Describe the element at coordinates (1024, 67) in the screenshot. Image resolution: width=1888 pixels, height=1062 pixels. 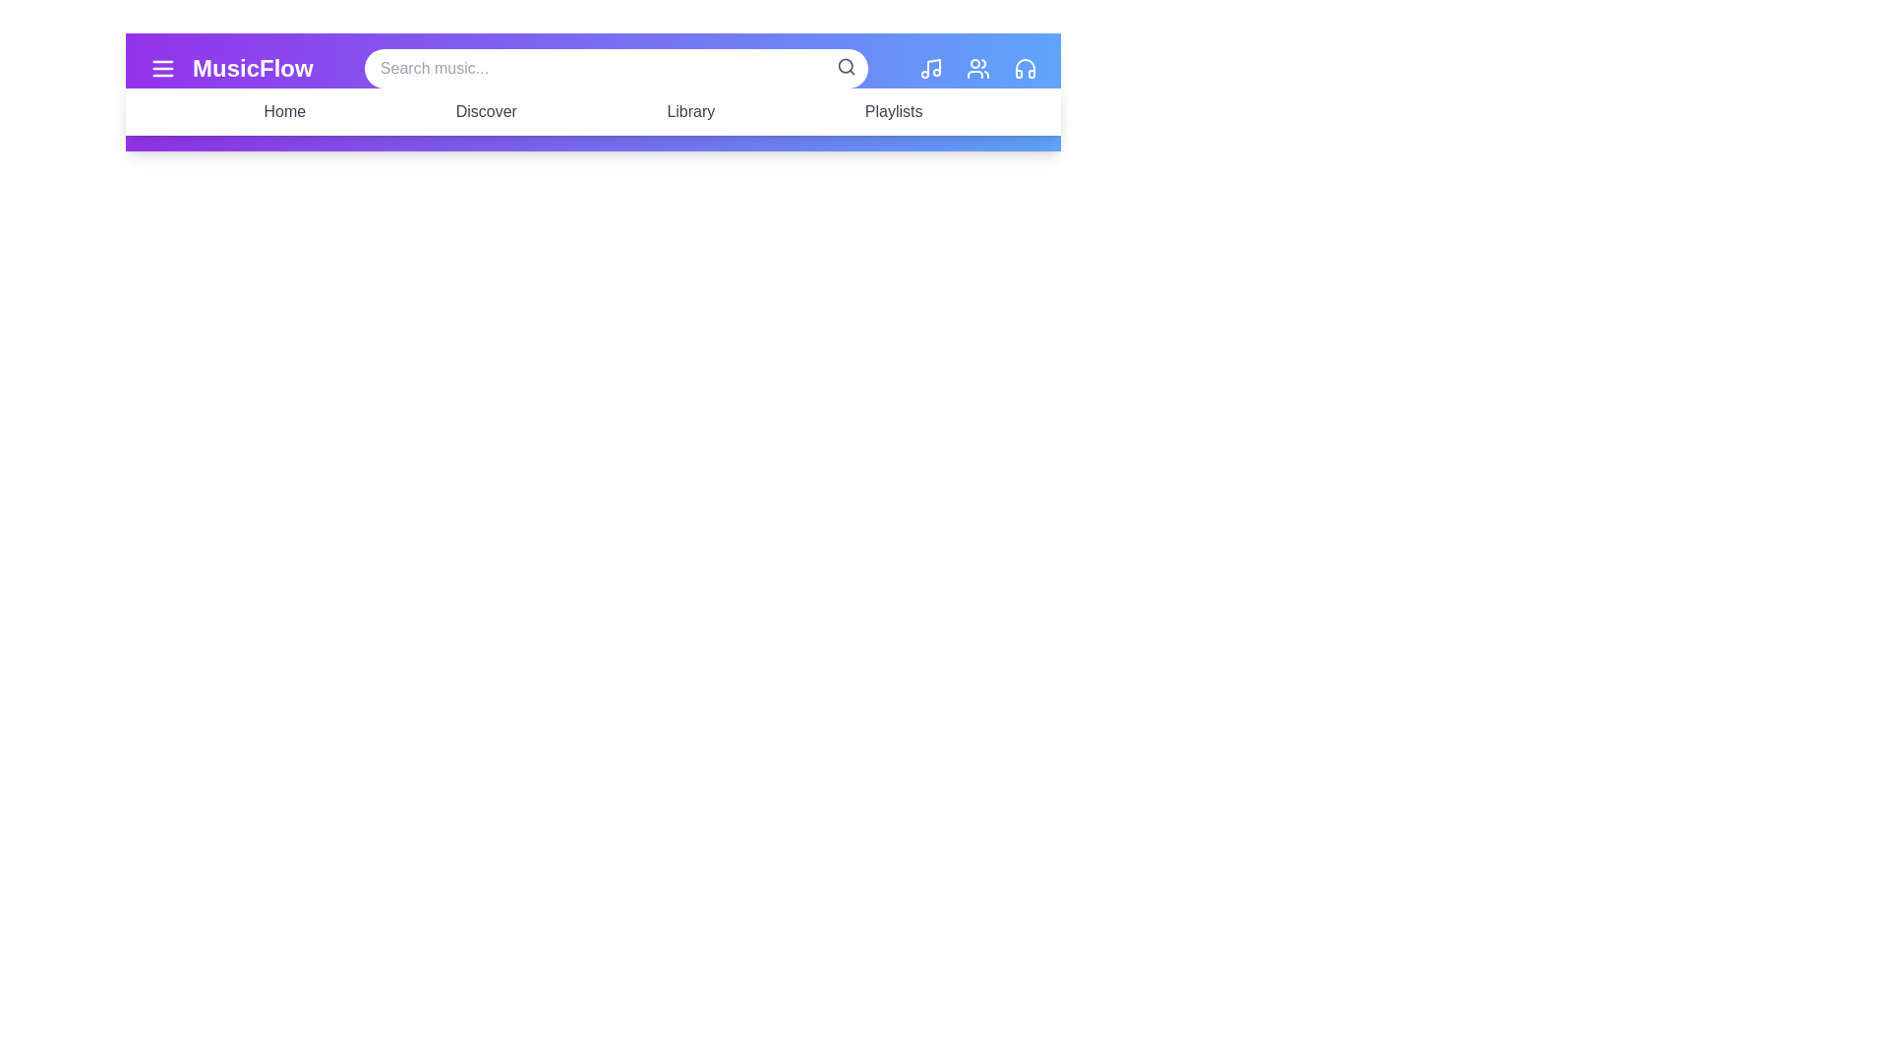
I see `the Headphones navigation icon` at that location.